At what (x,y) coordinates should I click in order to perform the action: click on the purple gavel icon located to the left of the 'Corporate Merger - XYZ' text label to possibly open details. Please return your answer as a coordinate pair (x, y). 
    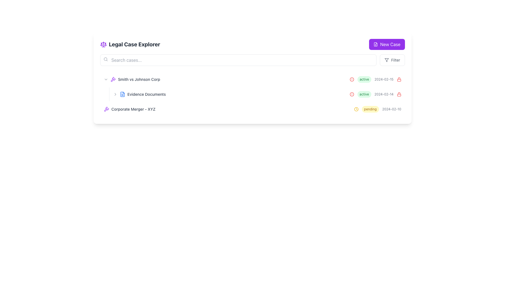
    Looking at the image, I should click on (106, 109).